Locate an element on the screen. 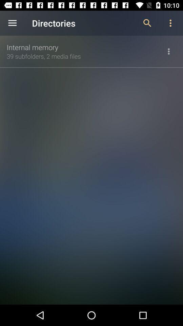  the item above the internal memory is located at coordinates (12, 23).